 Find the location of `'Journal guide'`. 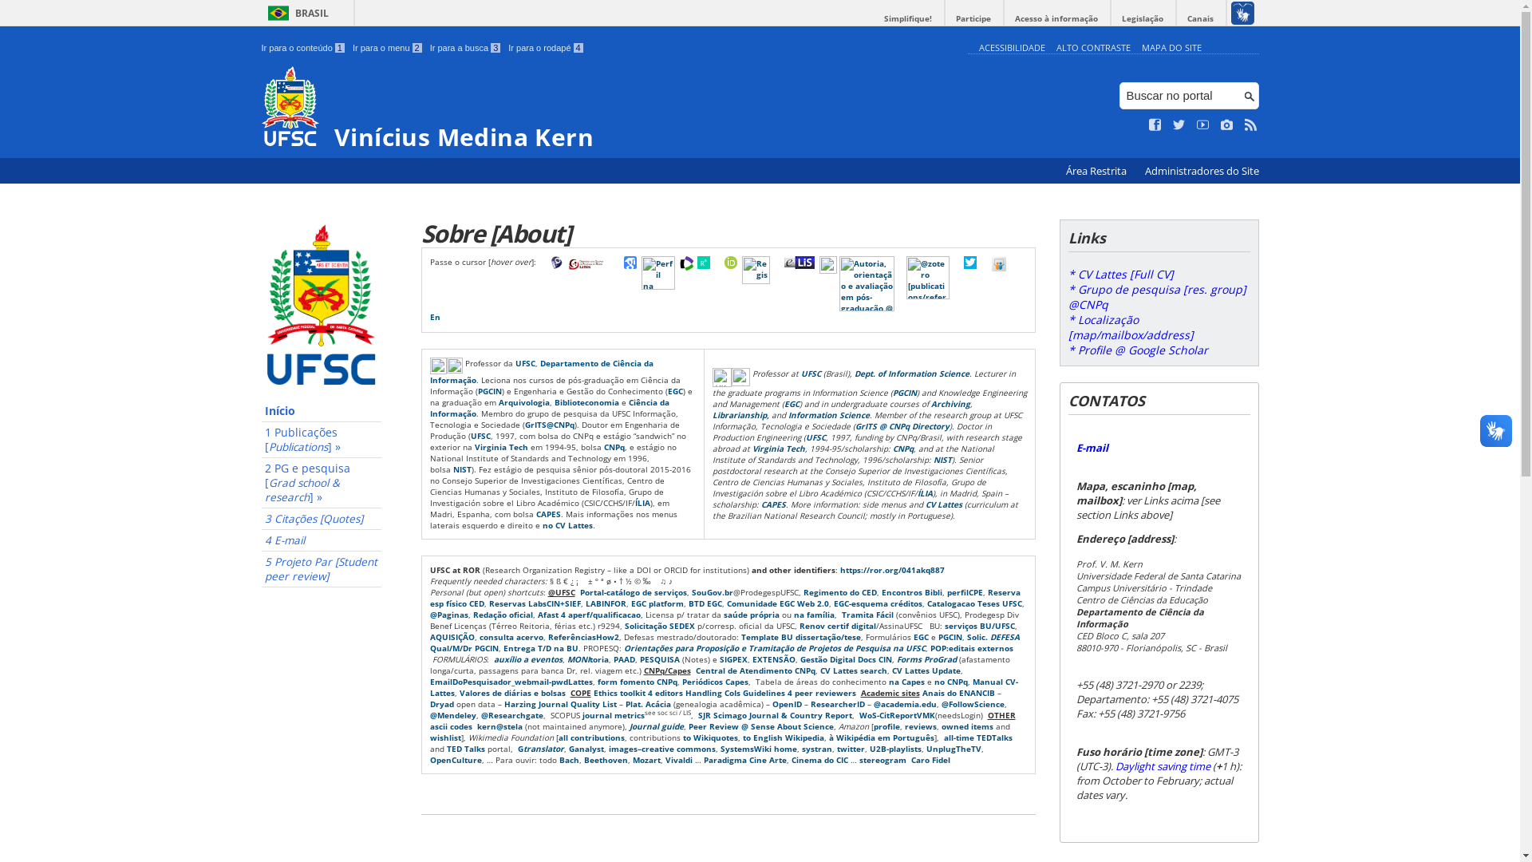

'Journal guide' is located at coordinates (655, 726).